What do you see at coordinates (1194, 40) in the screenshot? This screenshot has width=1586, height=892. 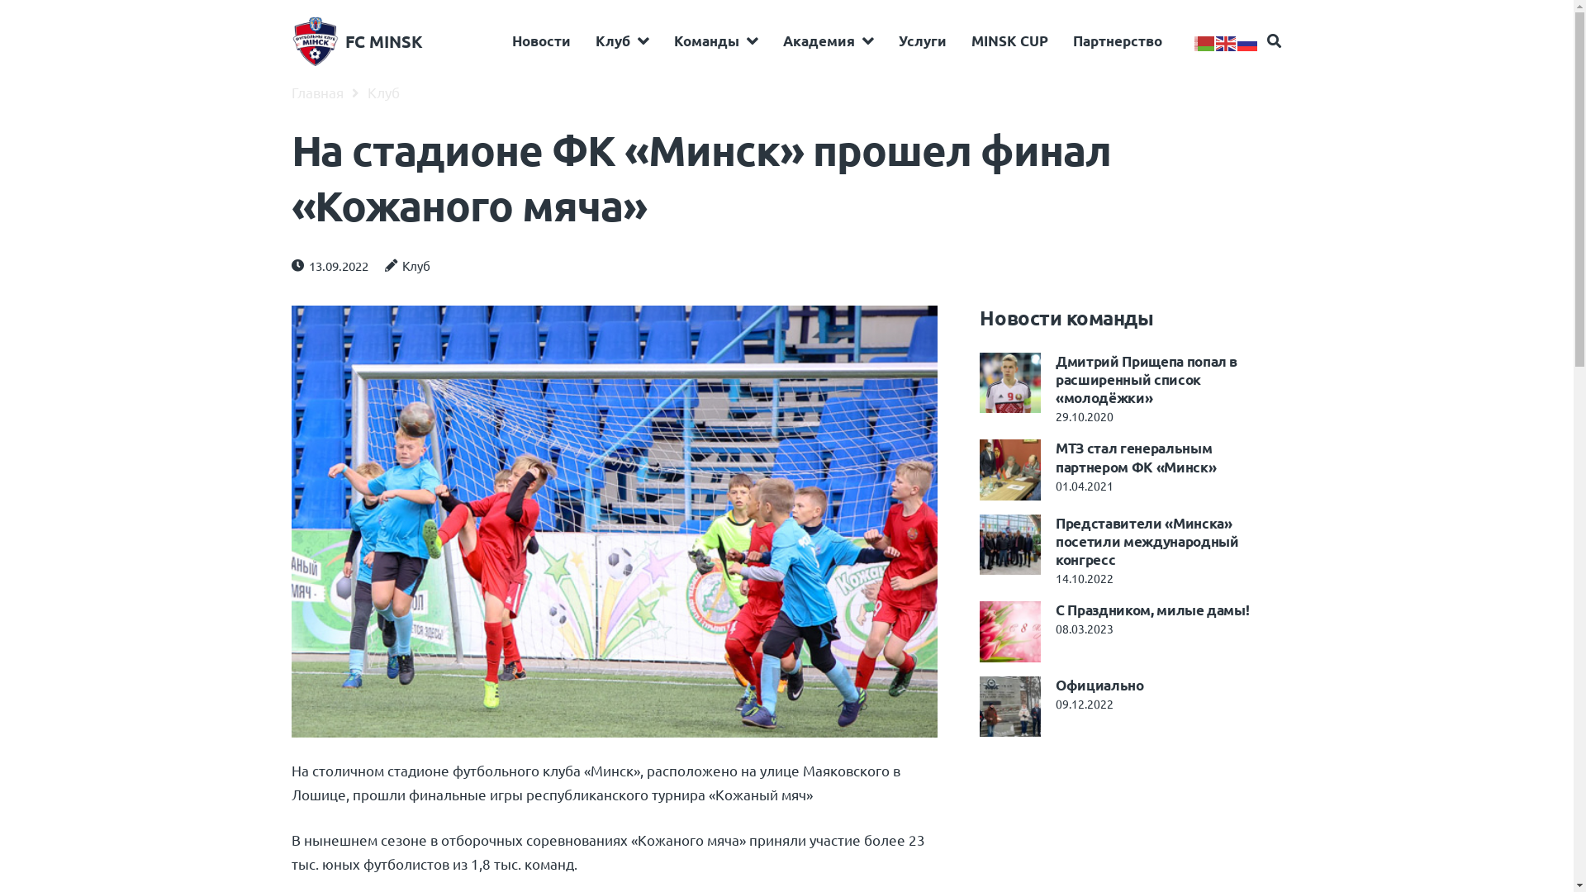 I see `'Belarusian'` at bounding box center [1194, 40].